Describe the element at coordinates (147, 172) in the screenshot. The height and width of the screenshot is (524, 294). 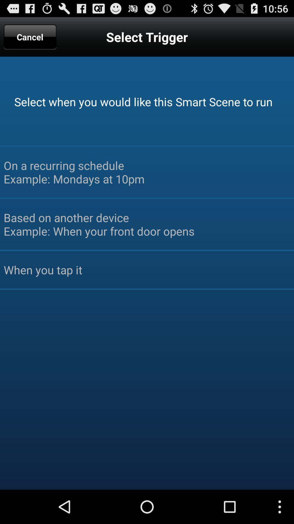
I see `the item above based on another app` at that location.